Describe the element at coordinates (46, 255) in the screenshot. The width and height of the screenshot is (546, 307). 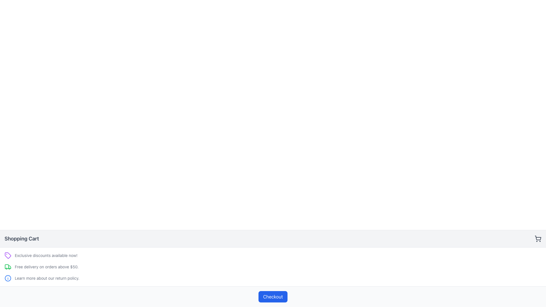
I see `text from the Text Label displaying 'Exclusive discounts available now!' located in the 'Shopping Cart' section, positioned right of the purple tag icon` at that location.